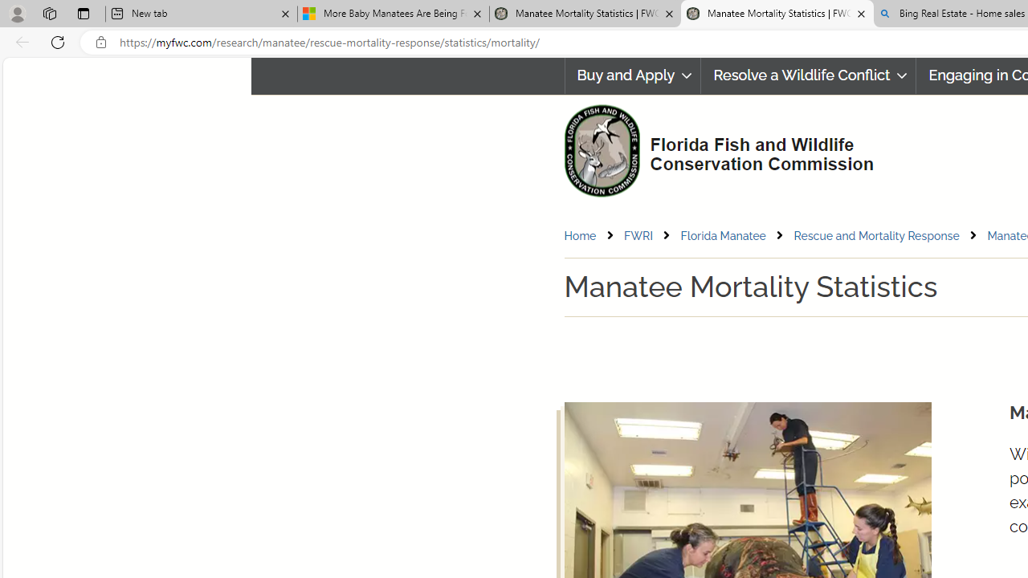 The height and width of the screenshot is (578, 1028). What do you see at coordinates (712, 149) in the screenshot?
I see `'FWC Logo Florida Fish and Wildlife Conservation Commission'` at bounding box center [712, 149].